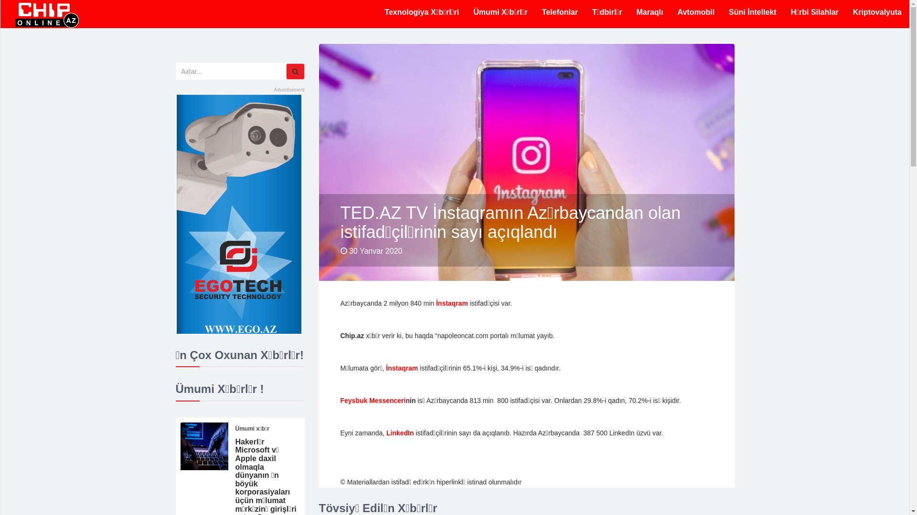  Describe the element at coordinates (384, 433) in the screenshot. I see `' LinkedIn '` at that location.